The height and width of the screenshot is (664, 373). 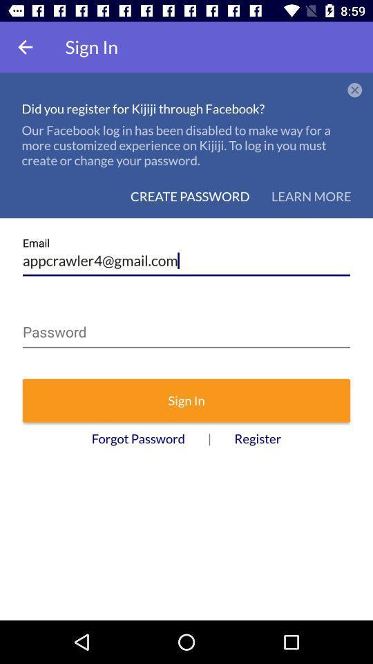 I want to click on the icon below our facebook log icon, so click(x=311, y=196).